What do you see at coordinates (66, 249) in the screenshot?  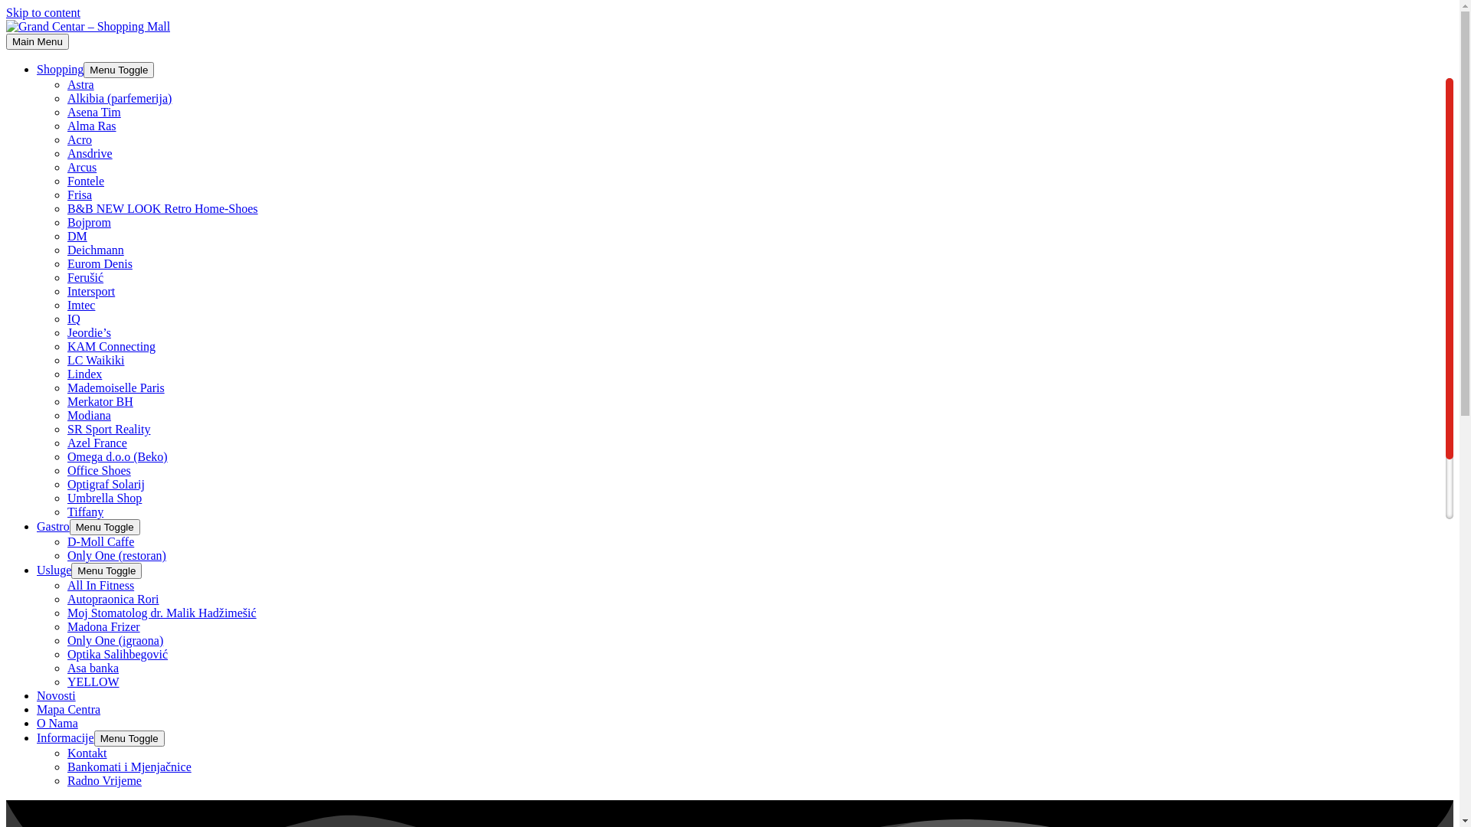 I see `'Deichmann'` at bounding box center [66, 249].